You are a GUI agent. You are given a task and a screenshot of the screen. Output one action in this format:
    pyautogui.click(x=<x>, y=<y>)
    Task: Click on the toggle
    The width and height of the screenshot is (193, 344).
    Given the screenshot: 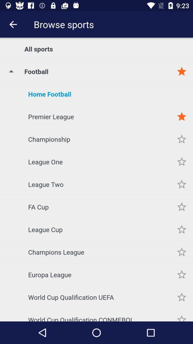 What is the action you would take?
    pyautogui.click(x=182, y=162)
    